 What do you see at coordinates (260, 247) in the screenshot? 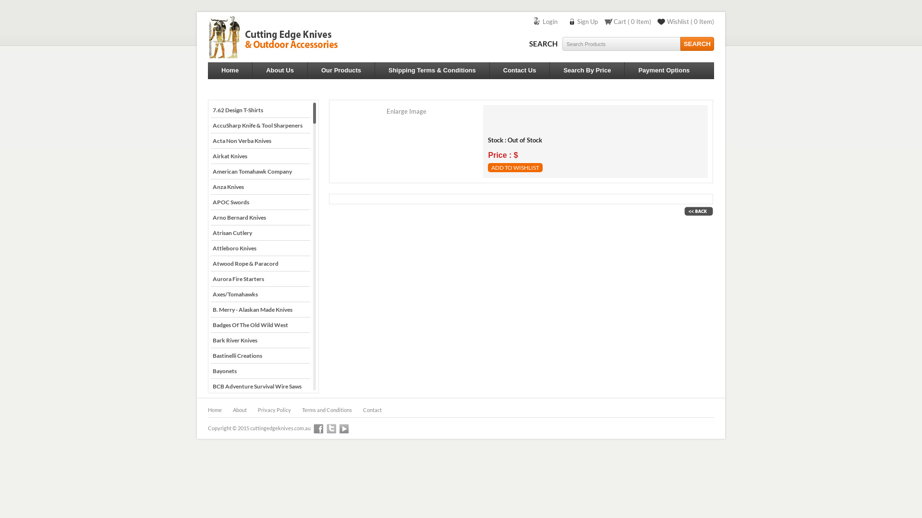
I see `'Attleboro Knives'` at bounding box center [260, 247].